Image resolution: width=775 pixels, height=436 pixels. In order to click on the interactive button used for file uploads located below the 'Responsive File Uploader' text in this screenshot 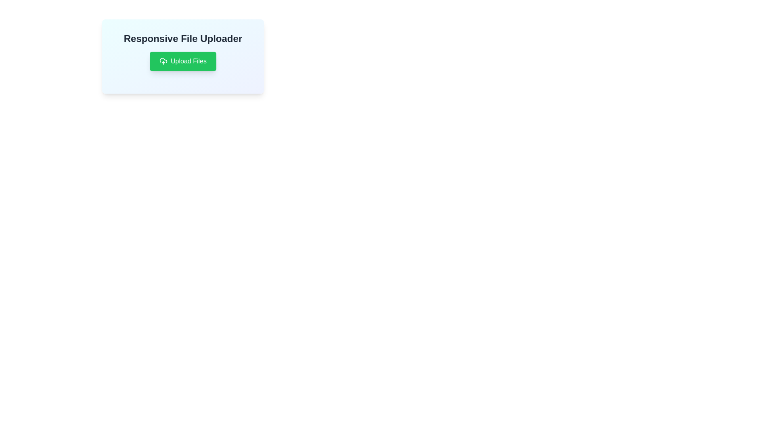, I will do `click(182, 61)`.